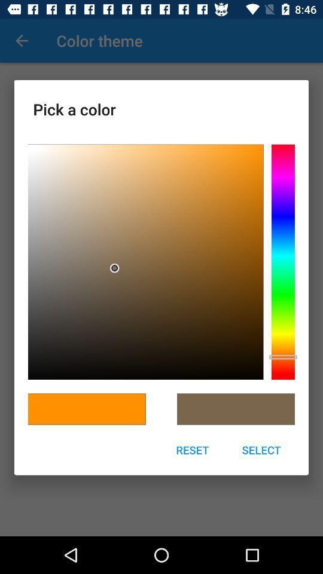 This screenshot has height=574, width=323. Describe the element at coordinates (192, 449) in the screenshot. I see `reset item` at that location.